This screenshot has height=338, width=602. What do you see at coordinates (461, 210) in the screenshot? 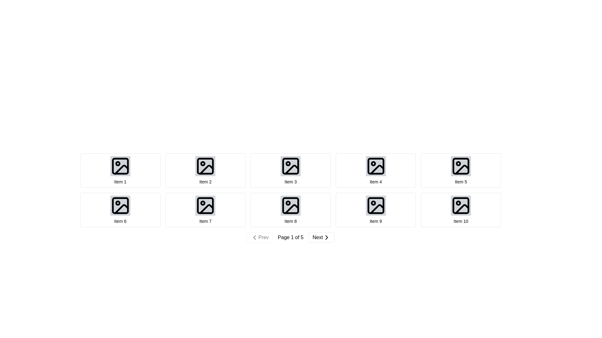
I see `the Card labeled 'Item 10' located in the bottom right corner of the grid` at bounding box center [461, 210].